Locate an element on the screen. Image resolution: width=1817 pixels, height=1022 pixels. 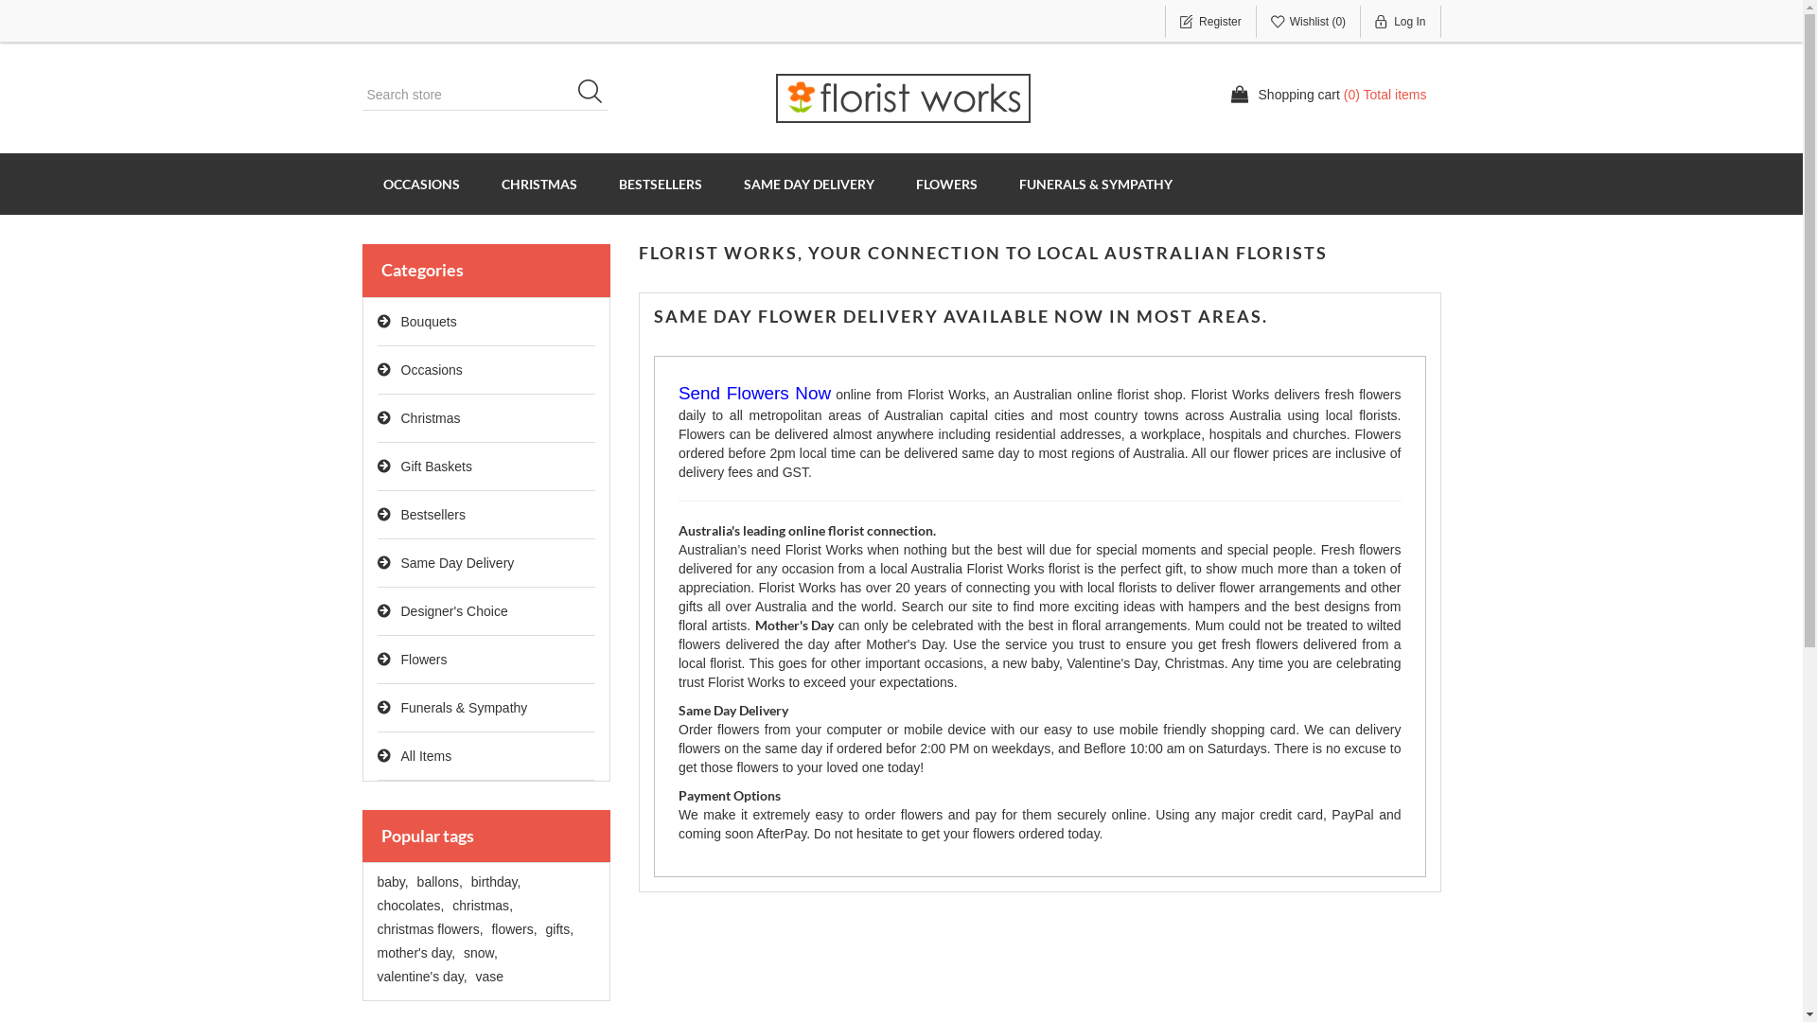
'baby,' is located at coordinates (391, 882).